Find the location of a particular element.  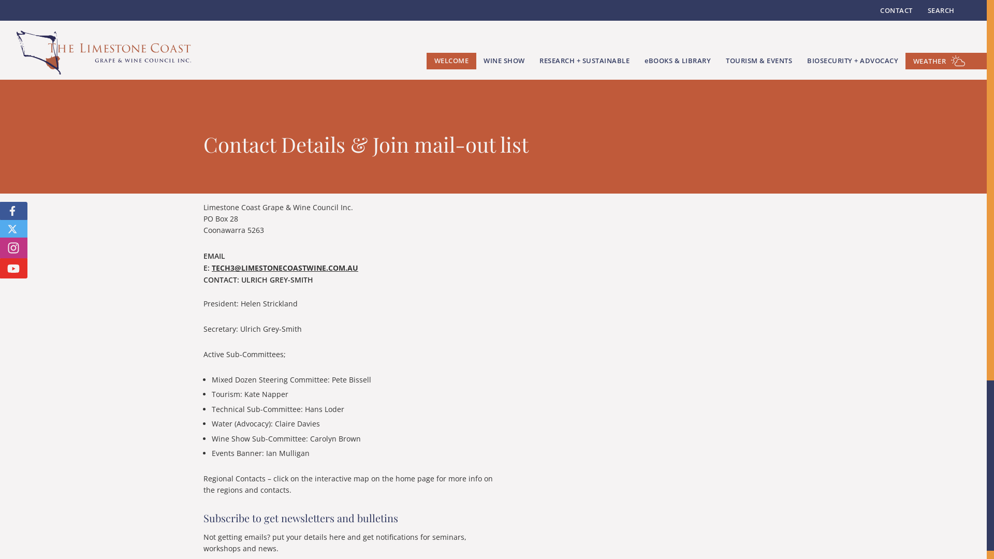

'RESEARCH + SUSTAINABLE' is located at coordinates (584, 61).